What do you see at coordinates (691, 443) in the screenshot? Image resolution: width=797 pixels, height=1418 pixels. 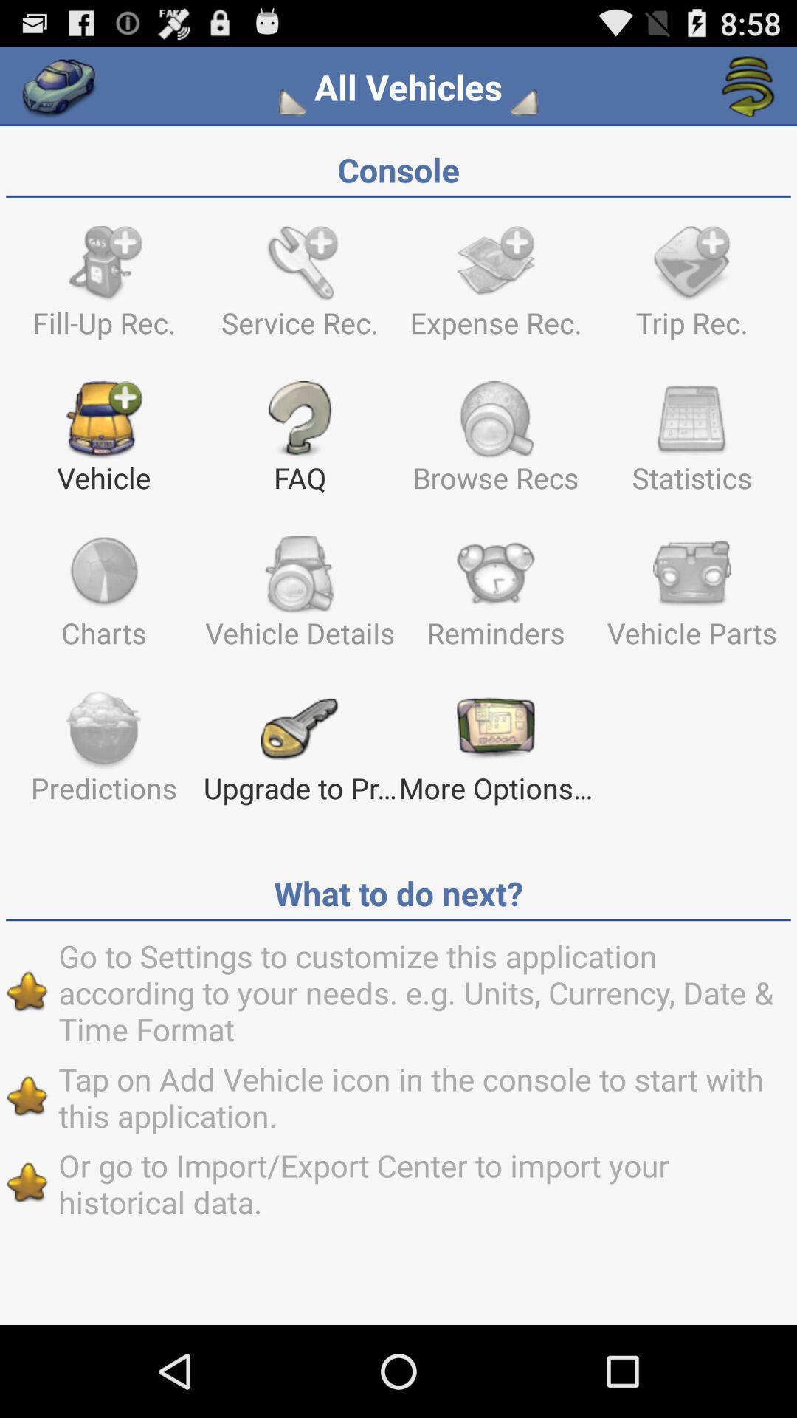 I see `statistics item` at bounding box center [691, 443].